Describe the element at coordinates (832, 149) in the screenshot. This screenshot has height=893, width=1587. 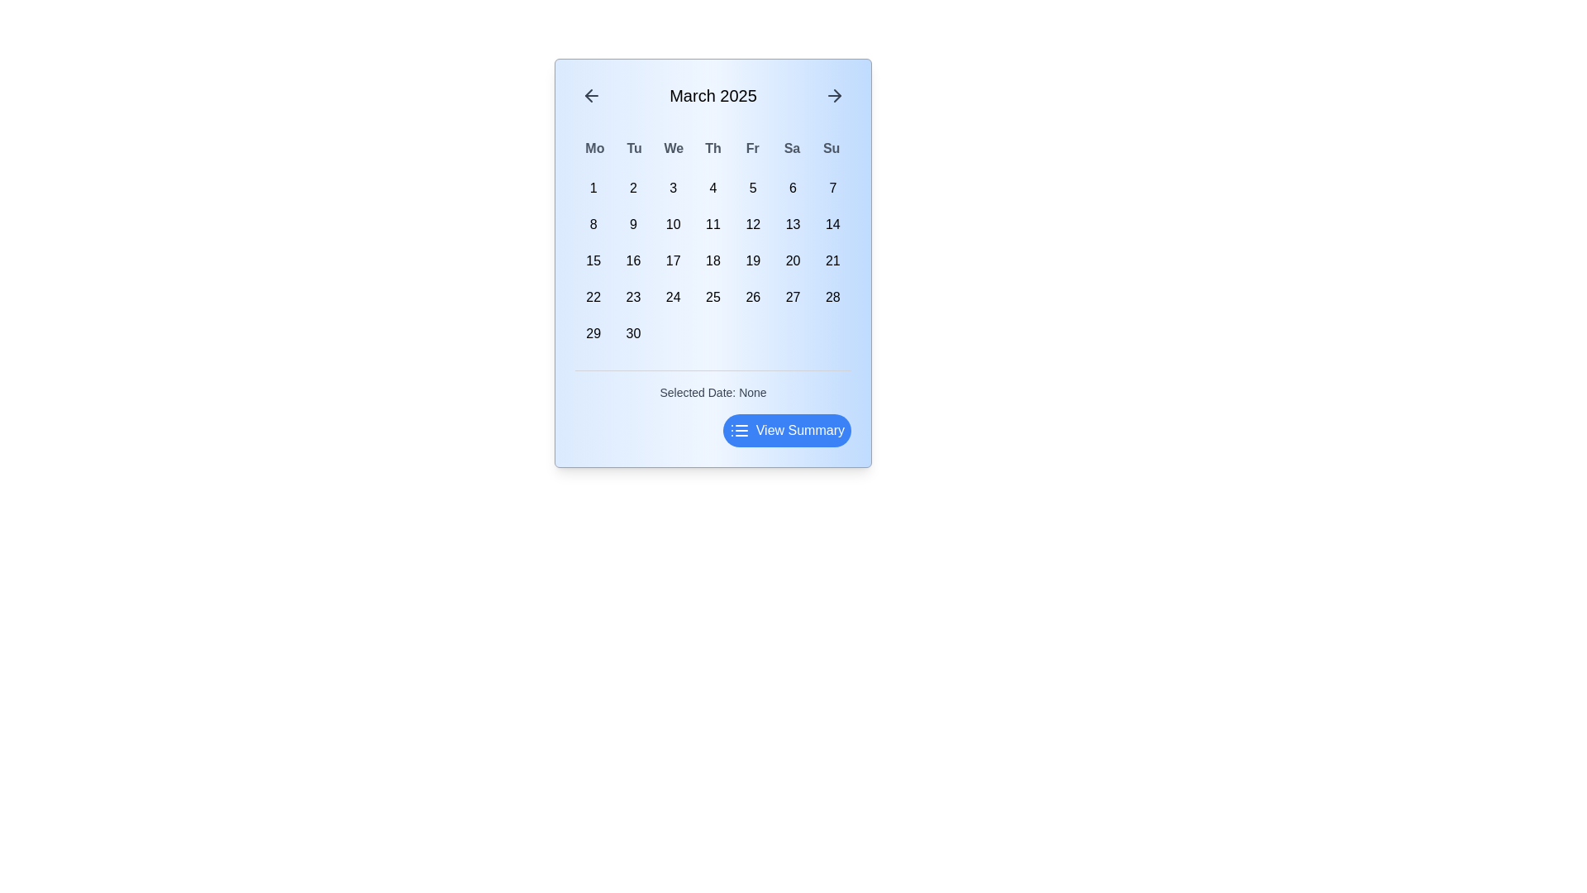
I see `the text label displaying 'Su' in the top-right cell of the calendar interface, which is styled with a bold font and medium gray color` at that location.